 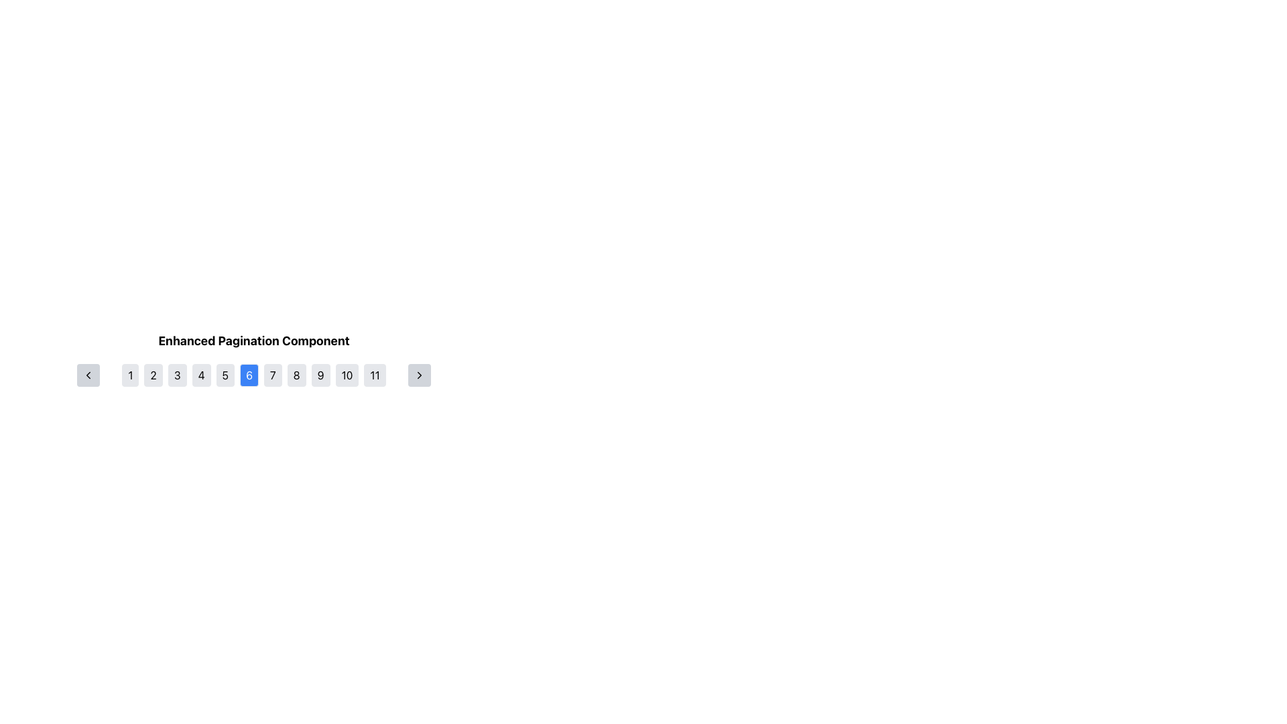 What do you see at coordinates (347, 375) in the screenshot?
I see `the pagination button displaying the number '10'` at bounding box center [347, 375].